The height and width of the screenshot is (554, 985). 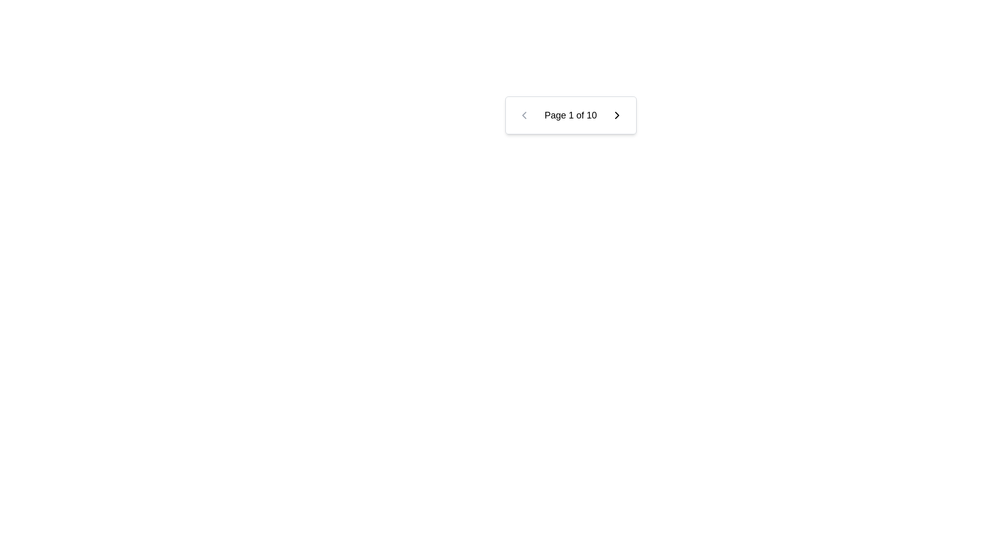 I want to click on the rightward pointing arrow button within the pagination control to advance to the next page, so click(x=617, y=115).